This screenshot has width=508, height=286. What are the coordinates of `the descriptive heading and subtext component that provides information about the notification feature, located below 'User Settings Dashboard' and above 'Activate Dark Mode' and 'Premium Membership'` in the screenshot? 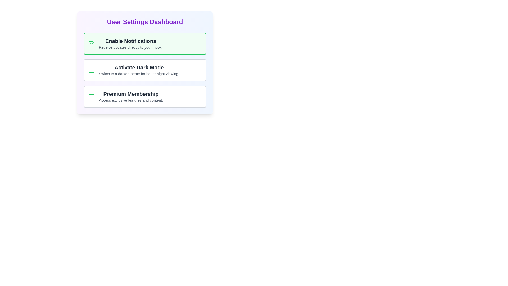 It's located at (131, 43).